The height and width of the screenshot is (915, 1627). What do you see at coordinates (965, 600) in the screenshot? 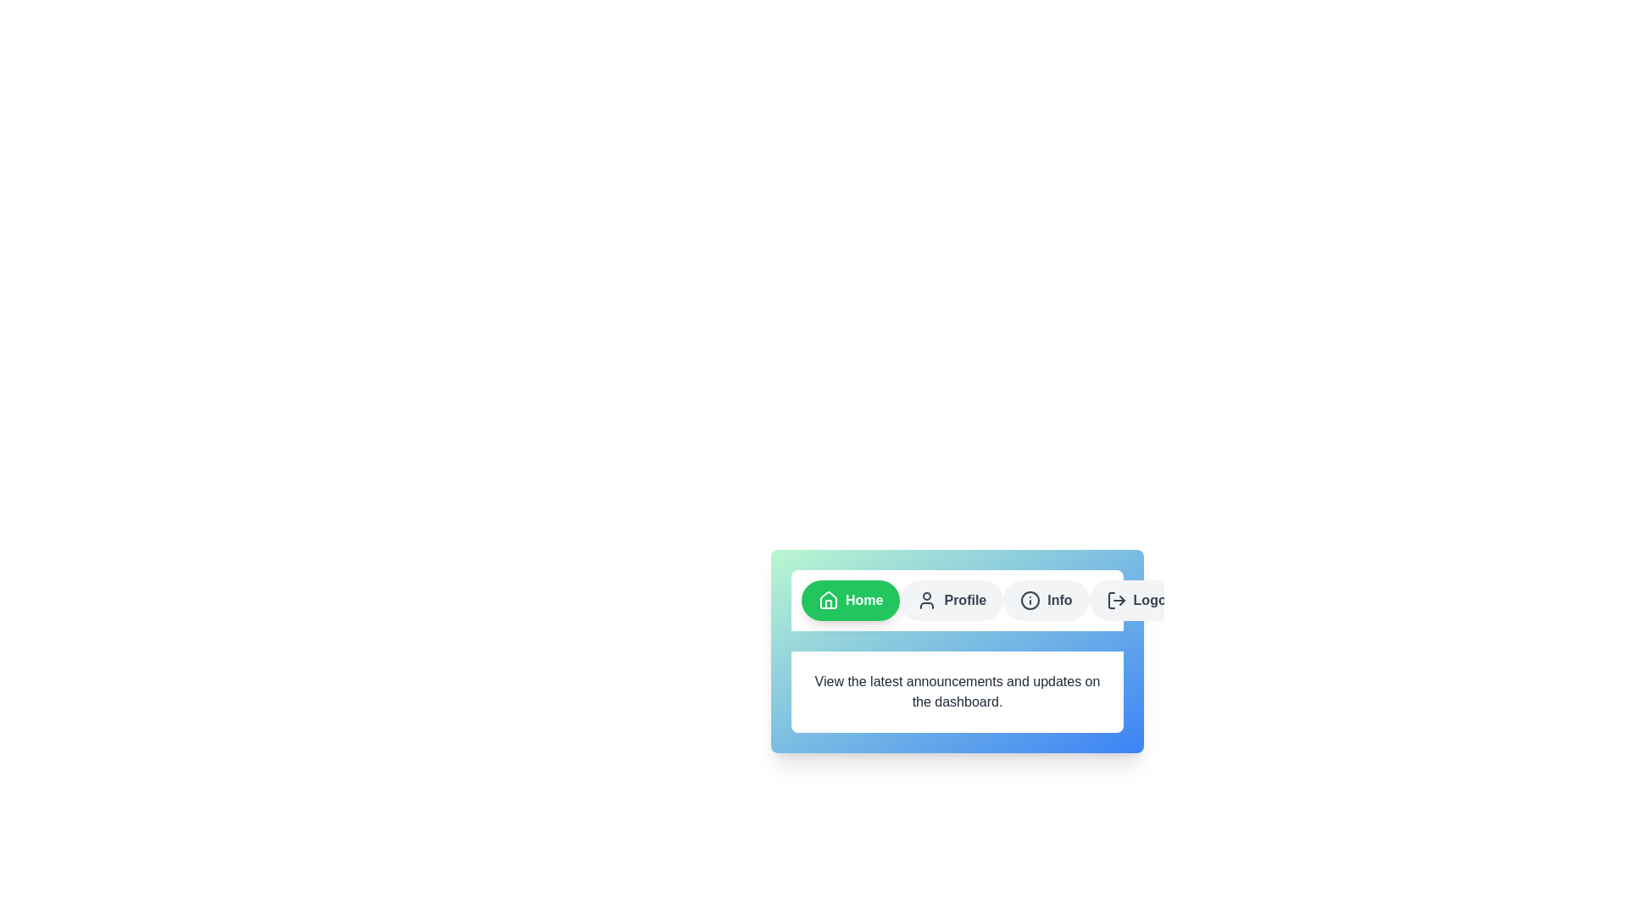
I see `the 'Profile' text label located within a rounded button in the horizontal navigation bar, positioned second from the left after the 'Home' button` at bounding box center [965, 600].